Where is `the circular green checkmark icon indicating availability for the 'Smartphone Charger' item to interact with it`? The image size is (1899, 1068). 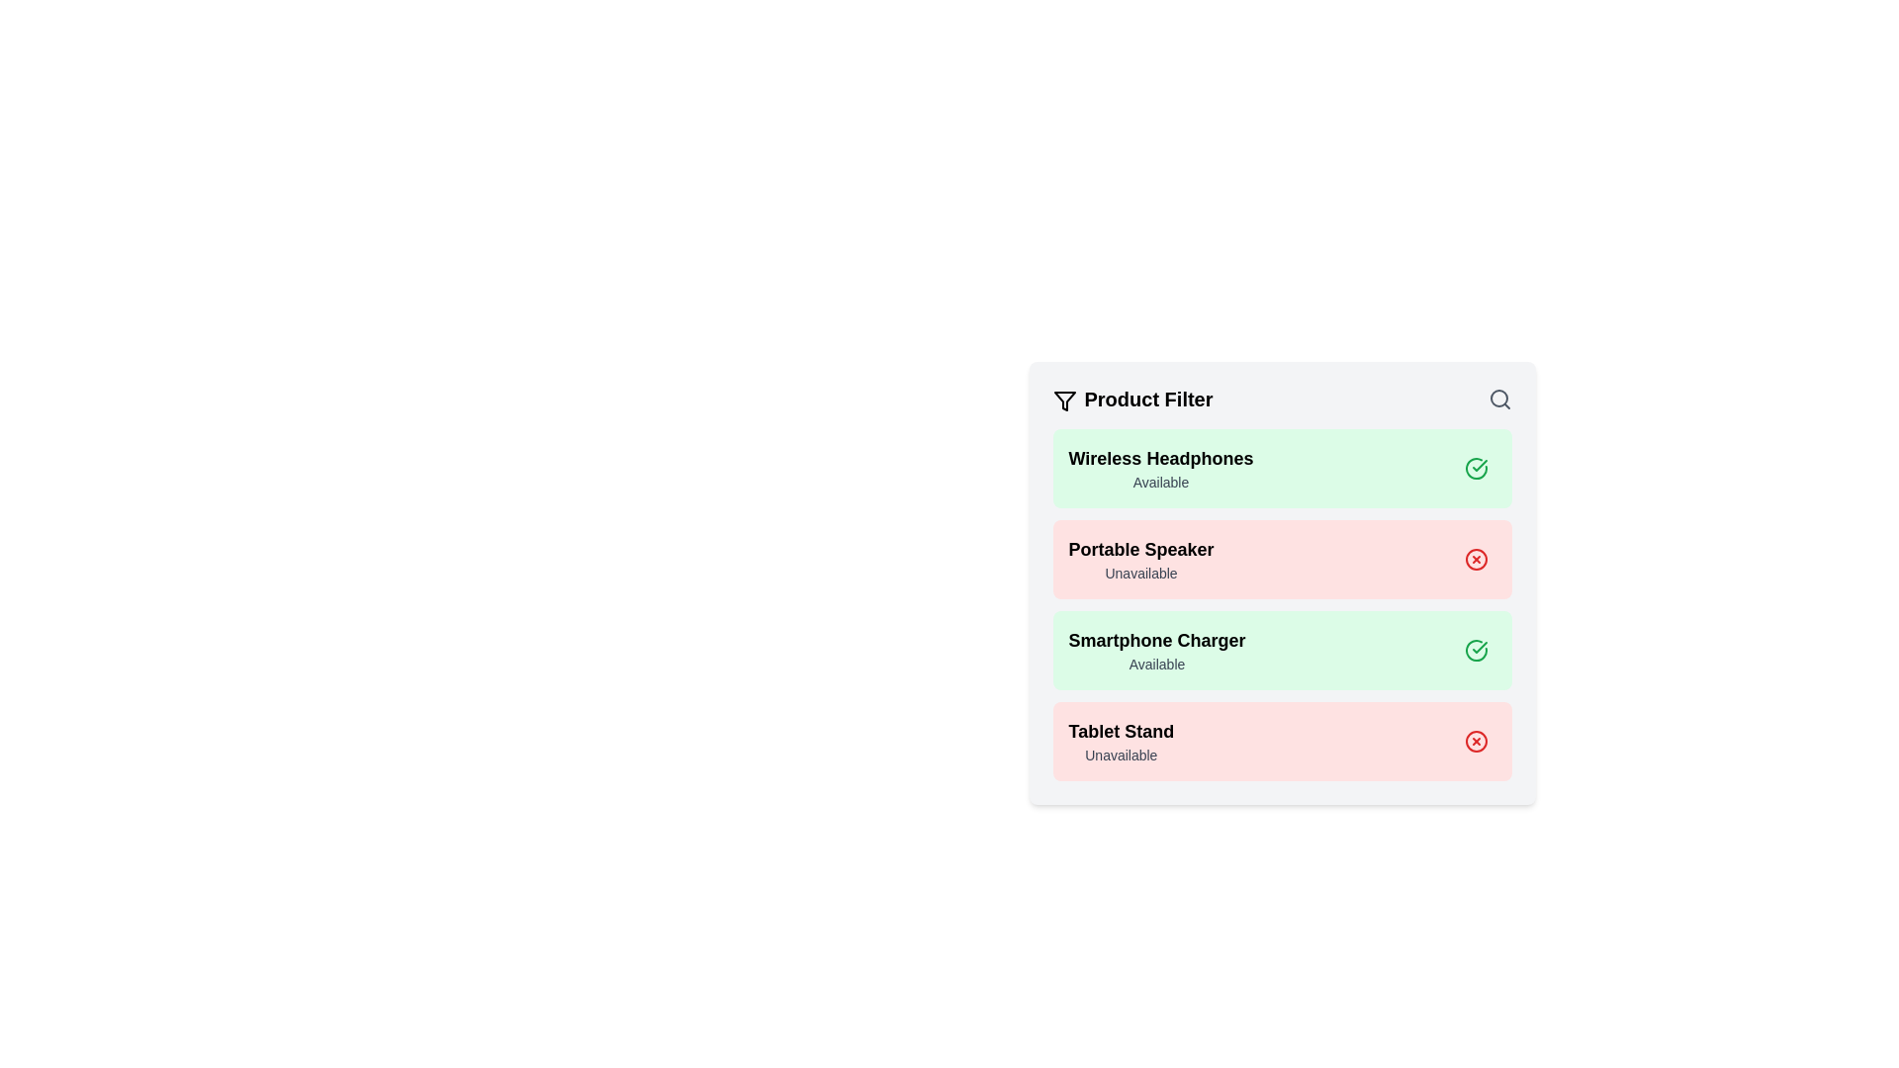 the circular green checkmark icon indicating availability for the 'Smartphone Charger' item to interact with it is located at coordinates (1476, 651).